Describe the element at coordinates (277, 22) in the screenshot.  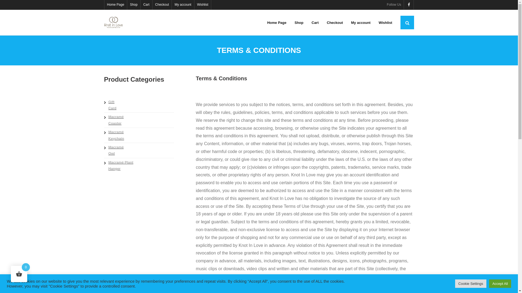
I see `'Home Page'` at that location.